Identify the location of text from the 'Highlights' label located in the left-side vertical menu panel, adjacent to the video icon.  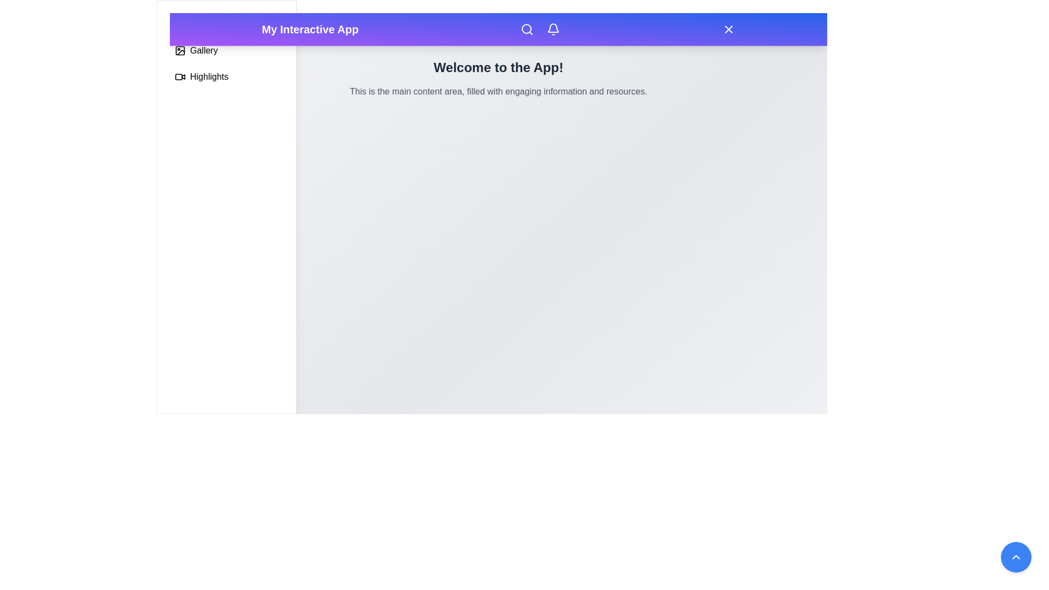
(209, 76).